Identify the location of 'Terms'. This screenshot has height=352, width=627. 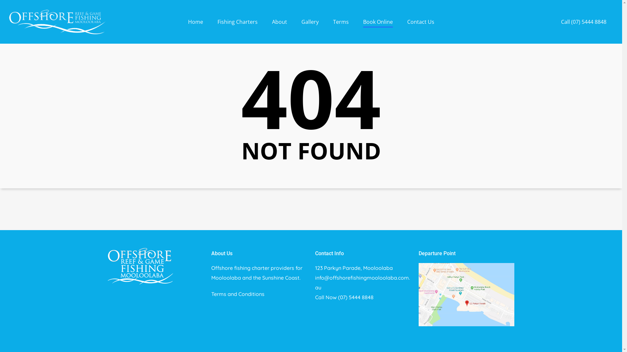
(340, 26).